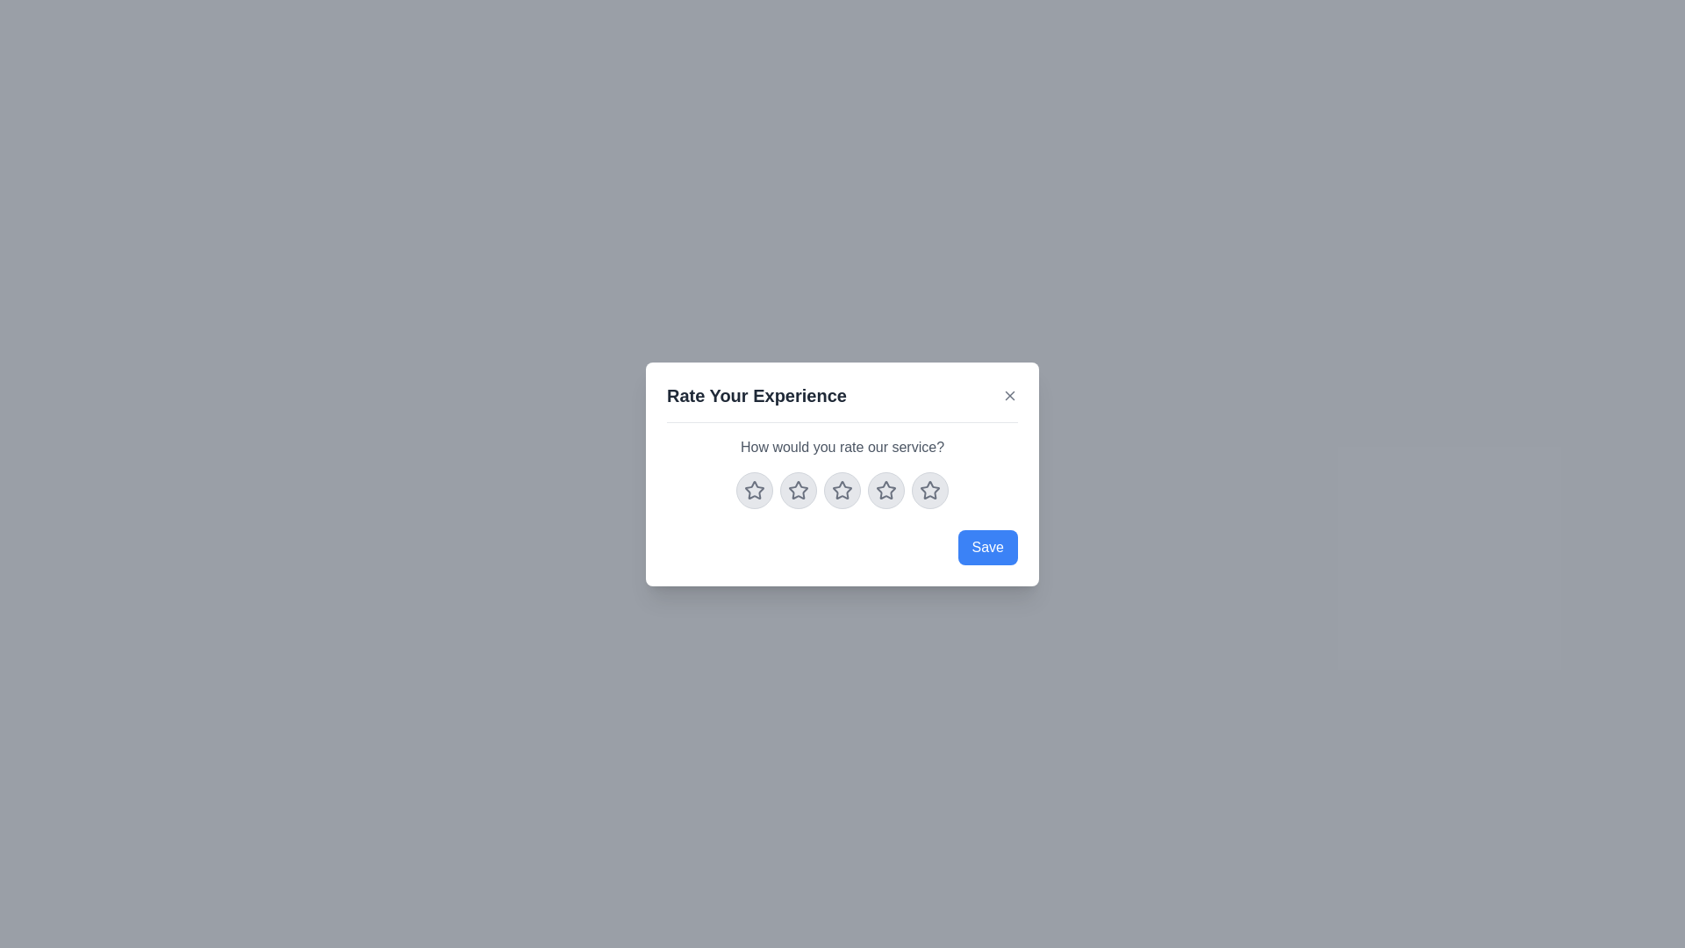 The height and width of the screenshot is (948, 1685). What do you see at coordinates (842, 490) in the screenshot?
I see `the star corresponding to the rating 3` at bounding box center [842, 490].